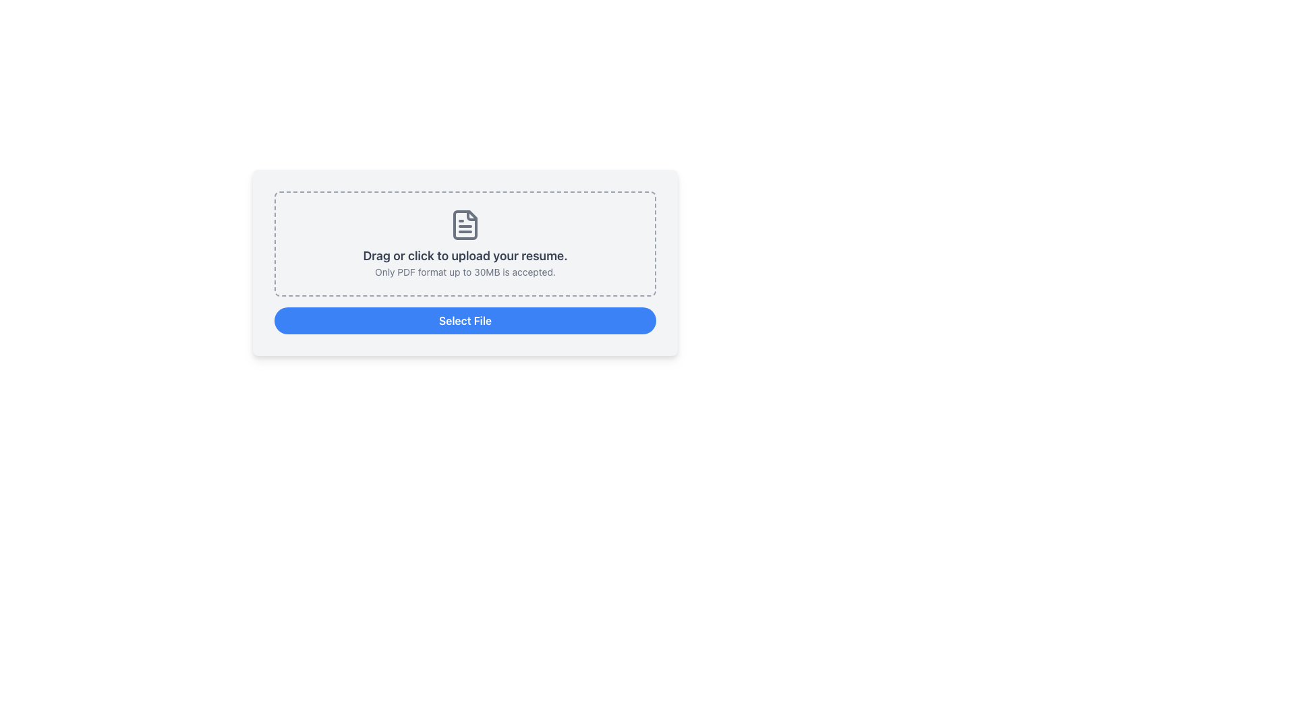  I want to click on the button located at the bottom of the light-gray rectangular area, which allows users to initiate the file selection dialog for uploading a resume, so click(465, 320).